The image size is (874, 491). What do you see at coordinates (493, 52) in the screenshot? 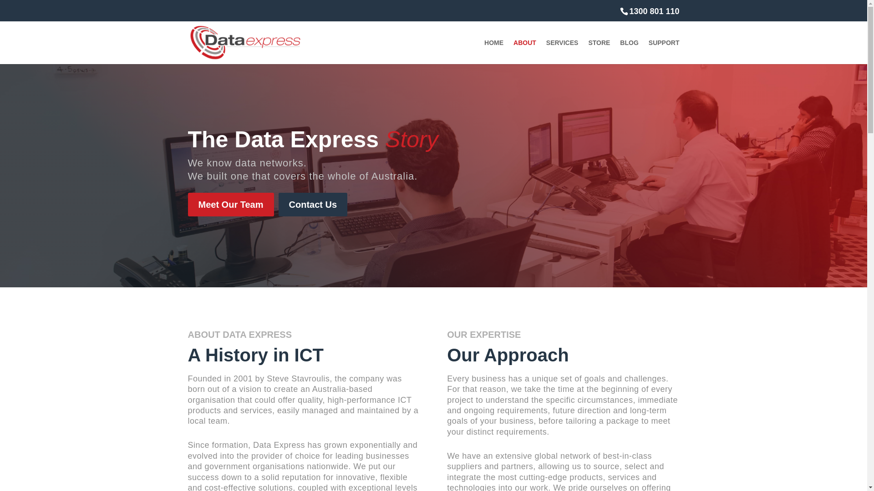
I see `'HOME'` at bounding box center [493, 52].